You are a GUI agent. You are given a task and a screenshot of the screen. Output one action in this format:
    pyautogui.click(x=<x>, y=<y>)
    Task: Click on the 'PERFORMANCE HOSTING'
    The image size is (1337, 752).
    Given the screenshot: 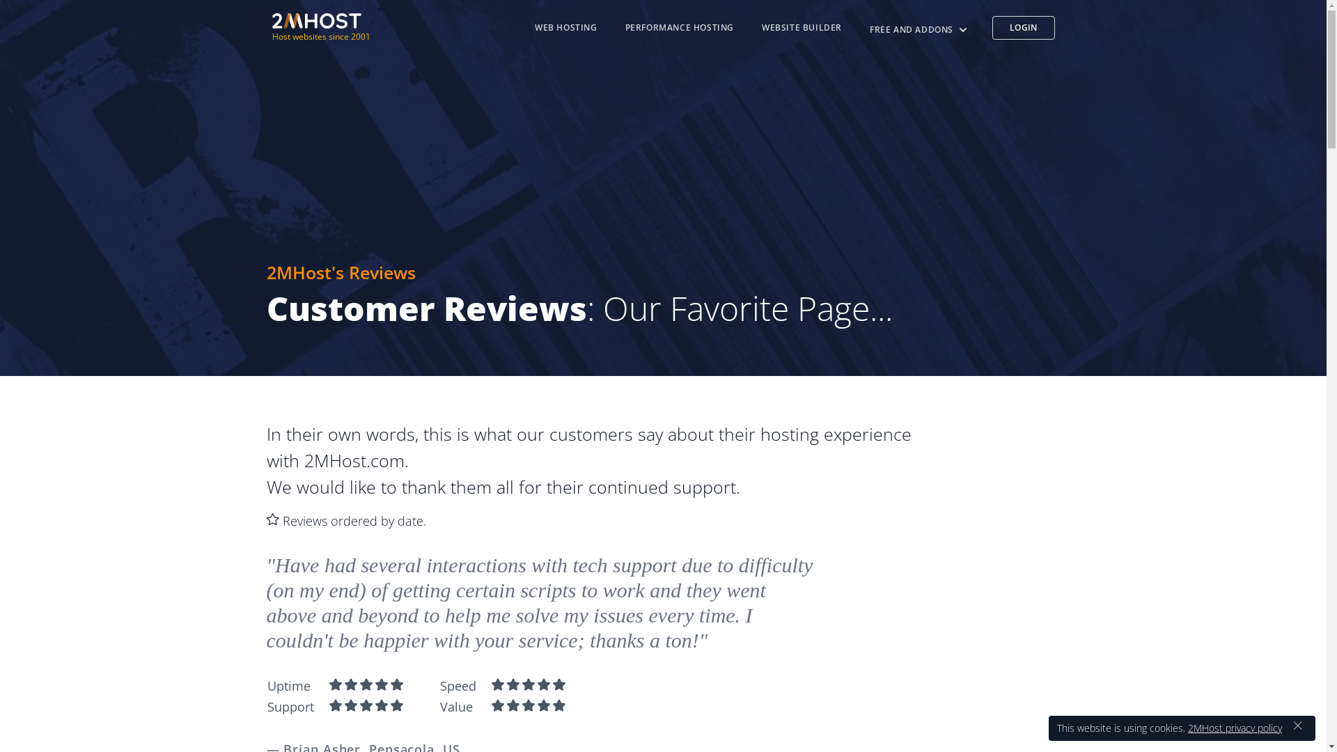 What is the action you would take?
    pyautogui.click(x=679, y=27)
    